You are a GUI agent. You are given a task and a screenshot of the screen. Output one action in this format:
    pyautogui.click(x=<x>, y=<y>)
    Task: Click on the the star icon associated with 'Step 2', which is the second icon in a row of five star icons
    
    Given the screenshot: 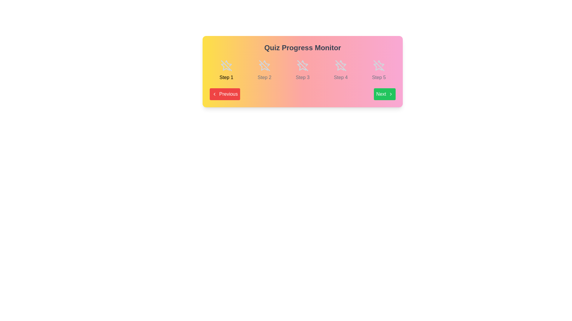 What is the action you would take?
    pyautogui.click(x=266, y=63)
    